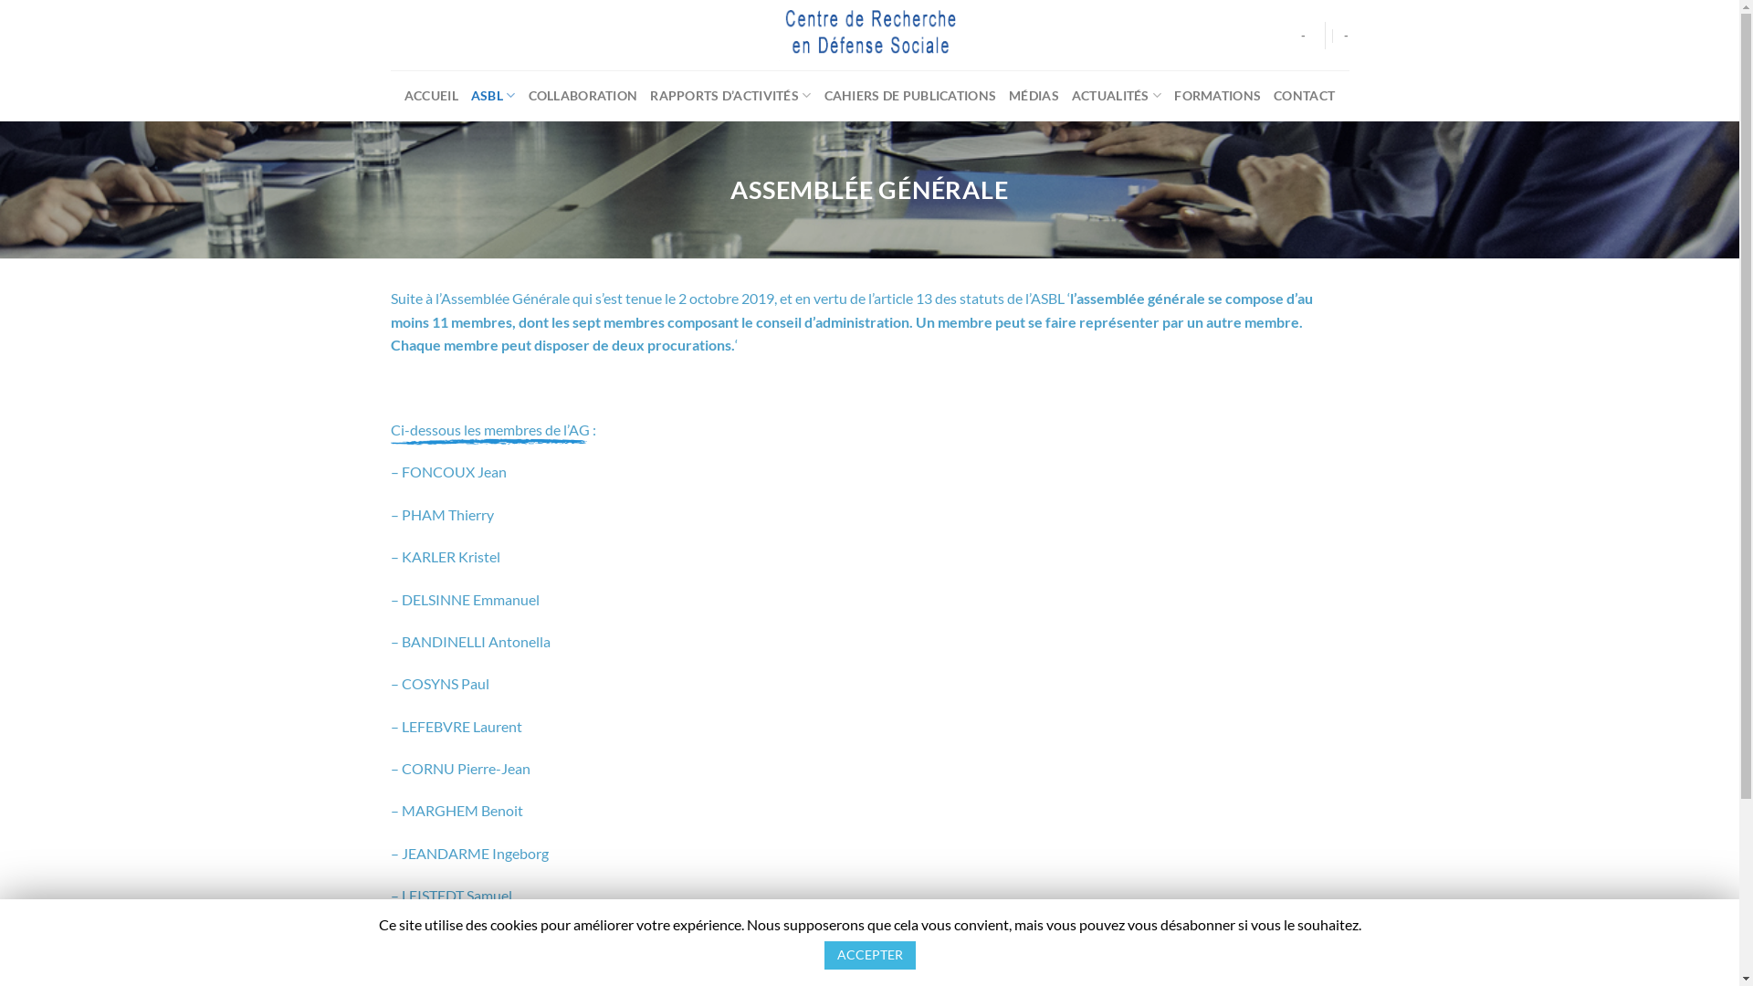  Describe the element at coordinates (582, 95) in the screenshot. I see `'COLLABORATION'` at that location.